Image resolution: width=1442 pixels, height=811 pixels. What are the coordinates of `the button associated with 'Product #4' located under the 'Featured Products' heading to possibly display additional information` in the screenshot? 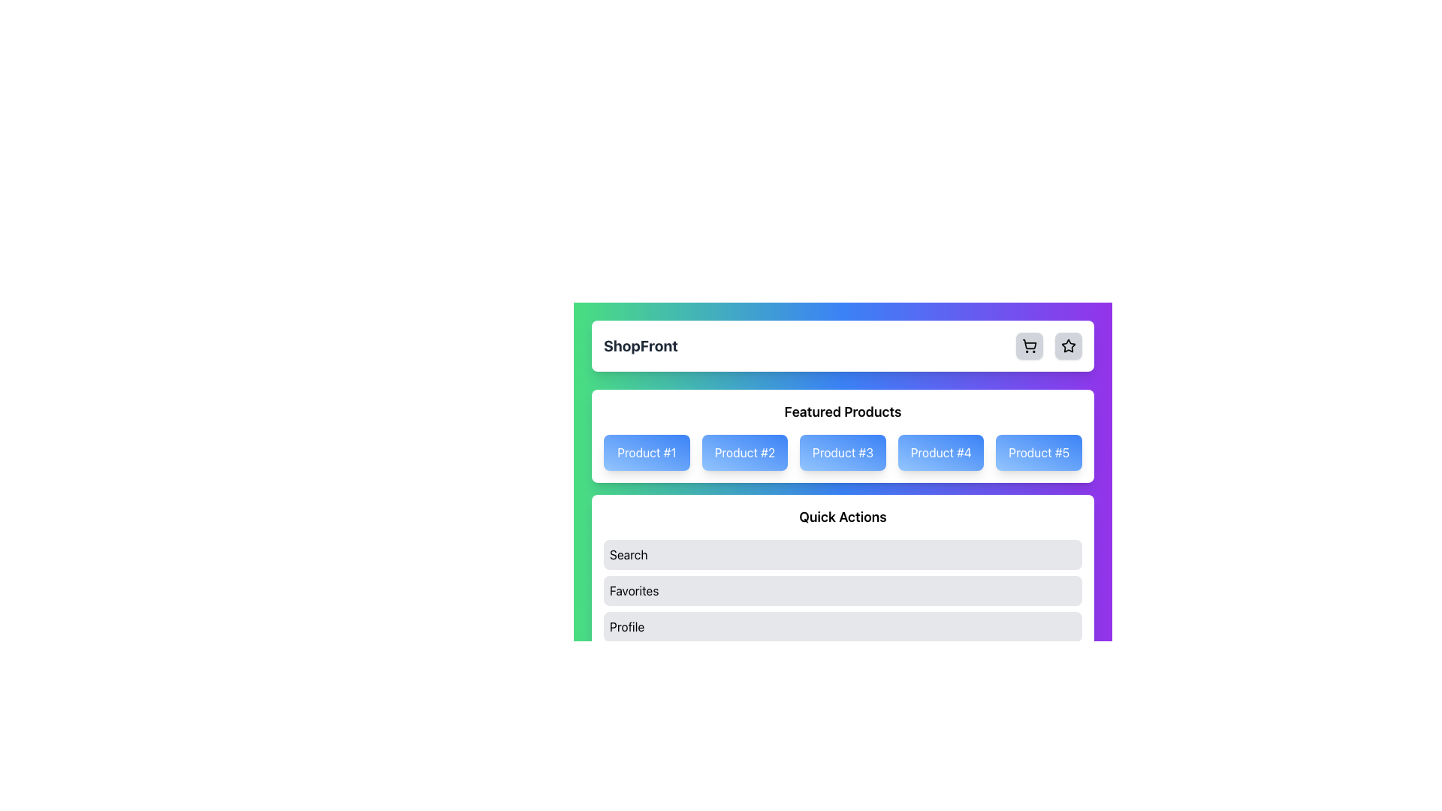 It's located at (940, 451).